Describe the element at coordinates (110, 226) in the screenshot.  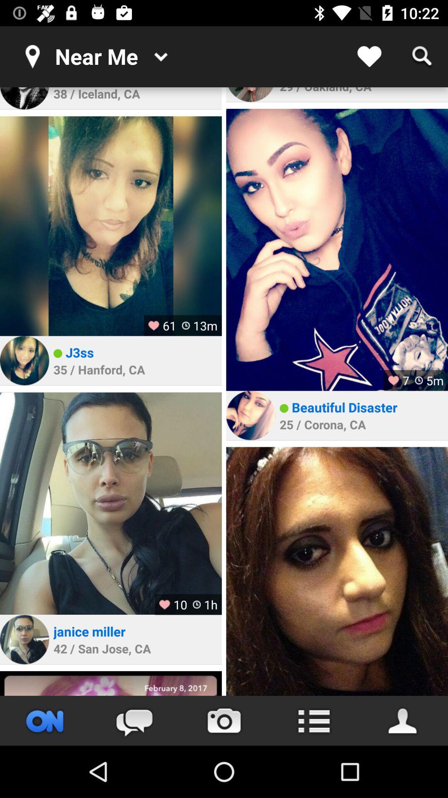
I see `profile picture` at that location.